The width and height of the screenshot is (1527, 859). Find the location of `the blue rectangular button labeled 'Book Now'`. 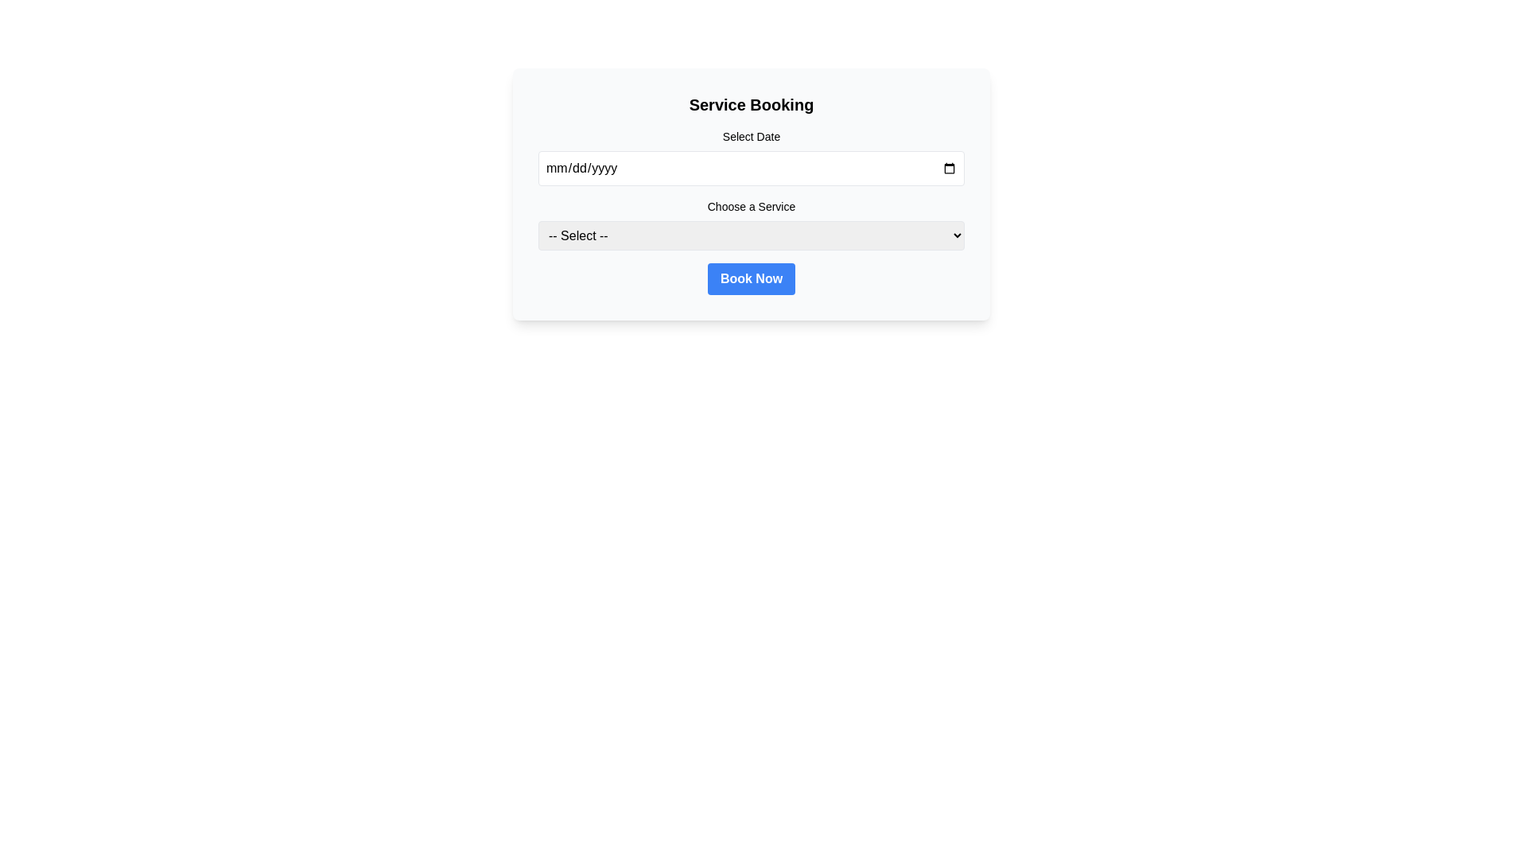

the blue rectangular button labeled 'Book Now' is located at coordinates (751, 278).